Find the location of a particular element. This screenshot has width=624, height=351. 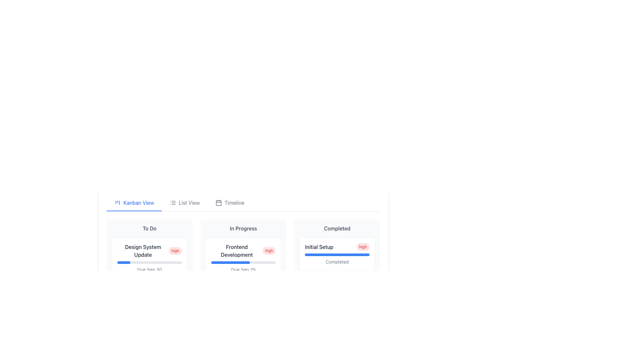

the details of the task represented by the second card in the 'To Do' section of the Kanban board, which includes its title, priority (low), and due date (Oct 5) is located at coordinates (149, 299).